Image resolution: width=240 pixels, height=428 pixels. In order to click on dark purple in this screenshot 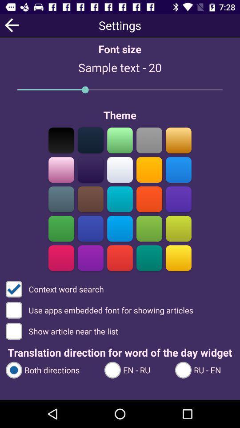, I will do `click(90, 258)`.